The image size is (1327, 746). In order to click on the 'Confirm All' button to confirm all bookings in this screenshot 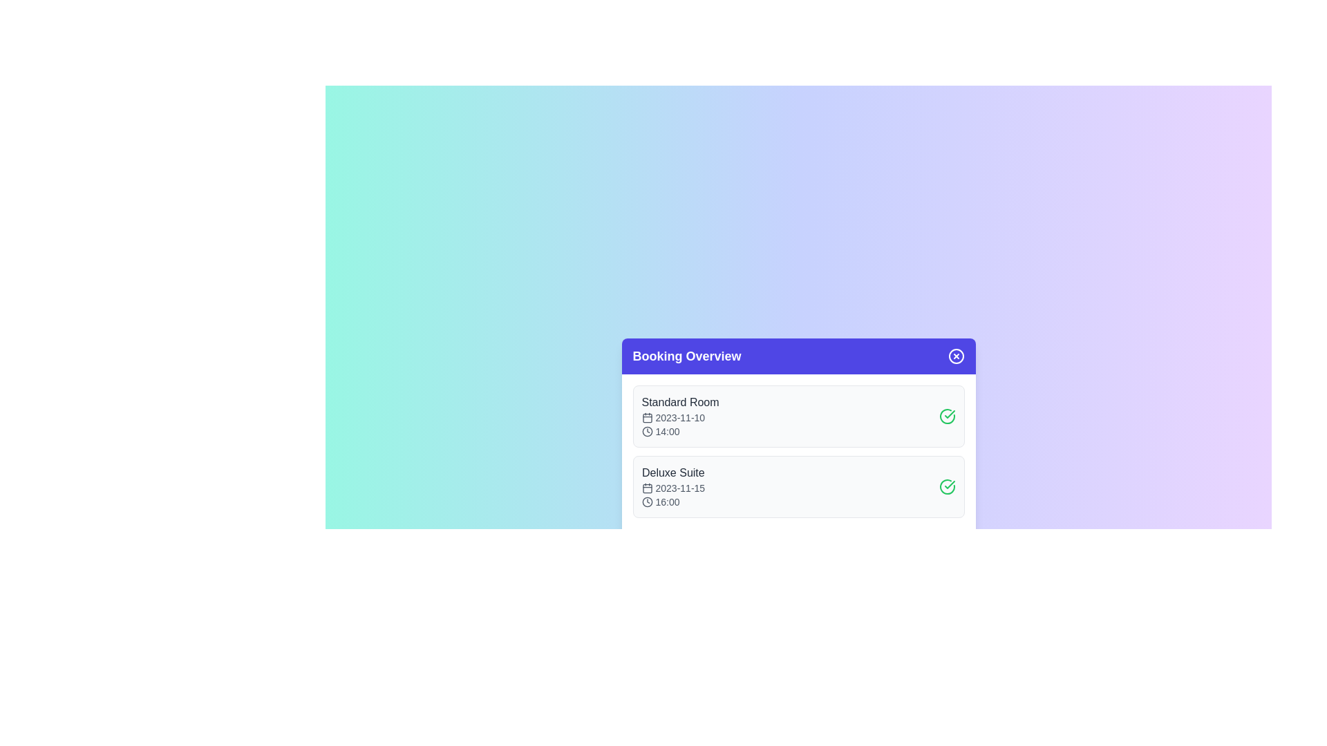, I will do `click(925, 553)`.